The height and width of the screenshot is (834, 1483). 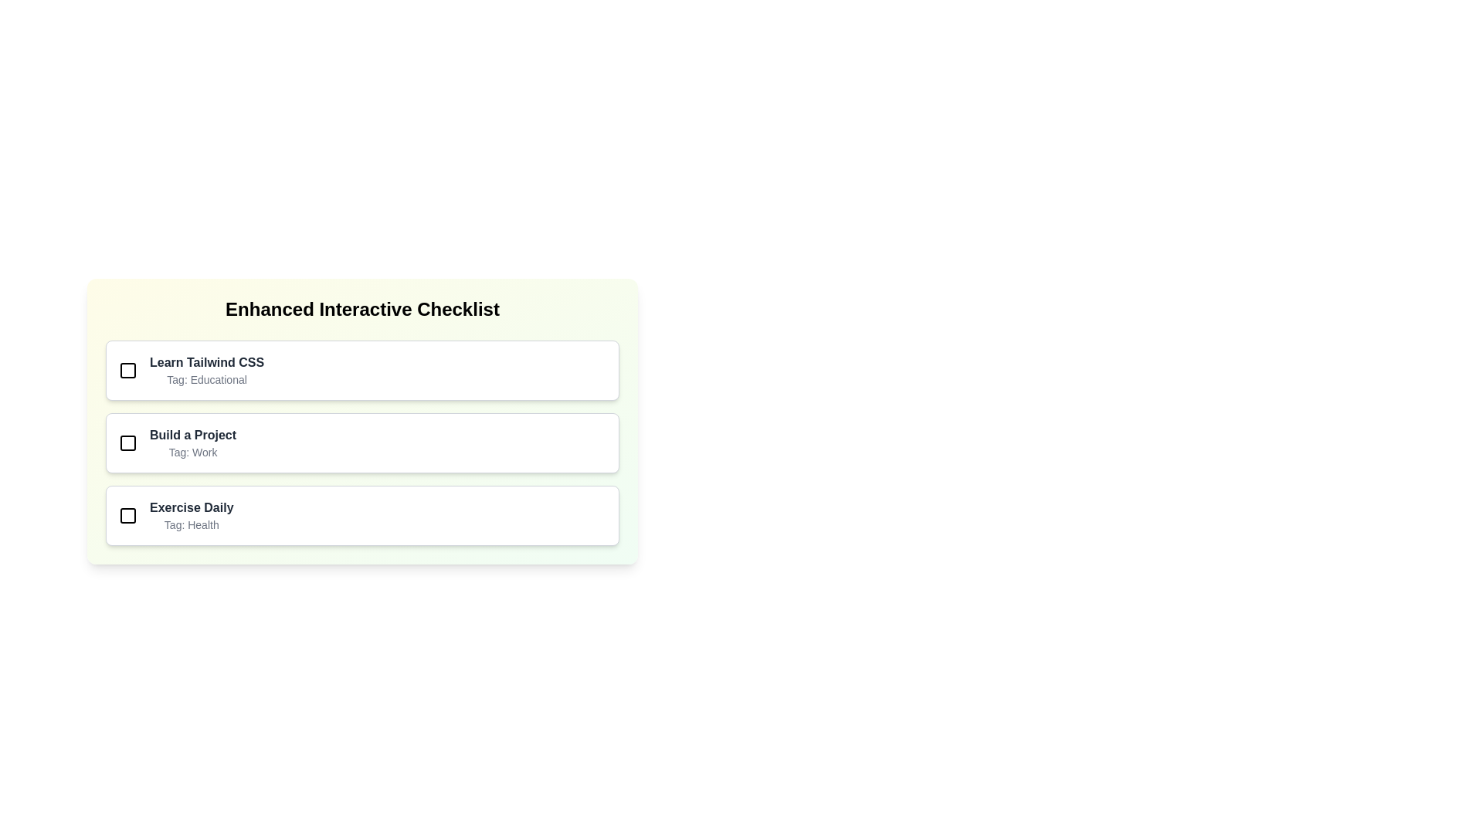 I want to click on the inner part of the checkbox for the task labeled 'Learn Tailwind CSS', which is visually represented as a small square with rounded corners located inside a larger square, so click(x=128, y=370).